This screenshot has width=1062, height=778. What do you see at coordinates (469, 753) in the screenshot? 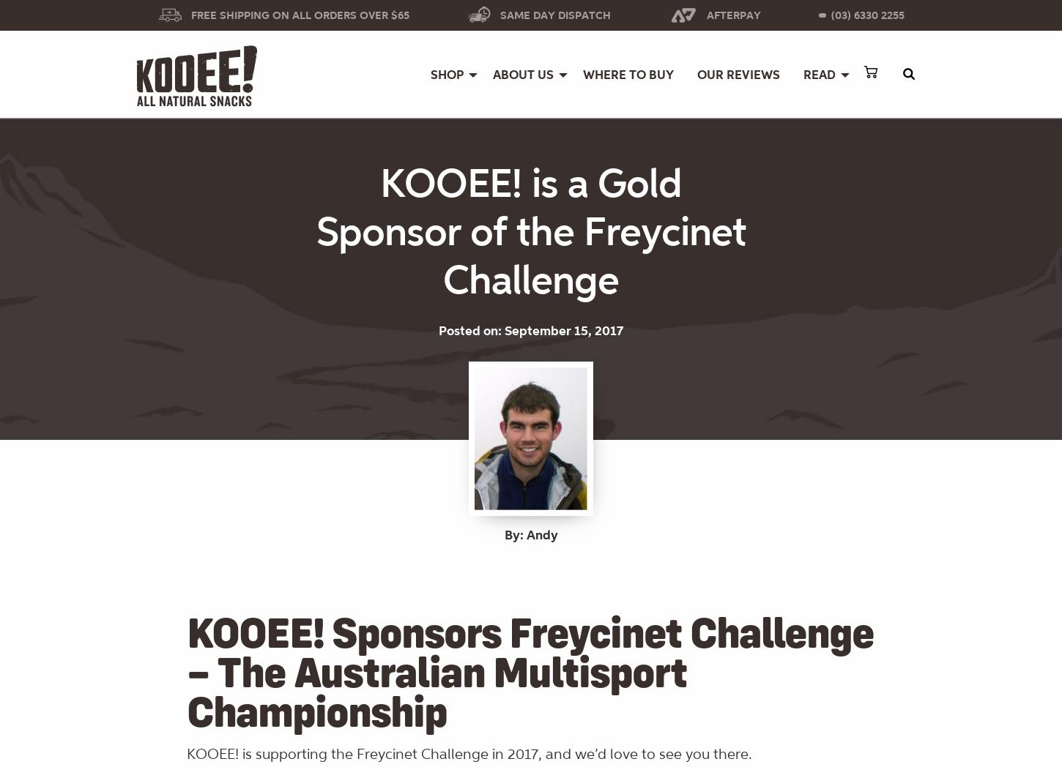
I see `'KOOEE! is supporting the Freycinet Challenge in 2017, and we’d love to see you there.'` at bounding box center [469, 753].